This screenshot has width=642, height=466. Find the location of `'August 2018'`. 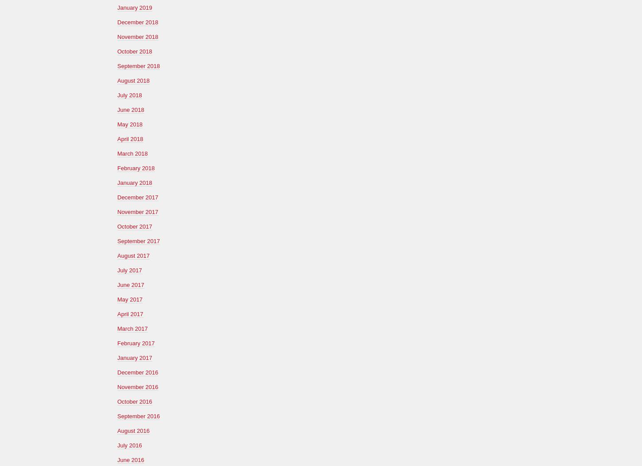

'August 2018' is located at coordinates (133, 80).